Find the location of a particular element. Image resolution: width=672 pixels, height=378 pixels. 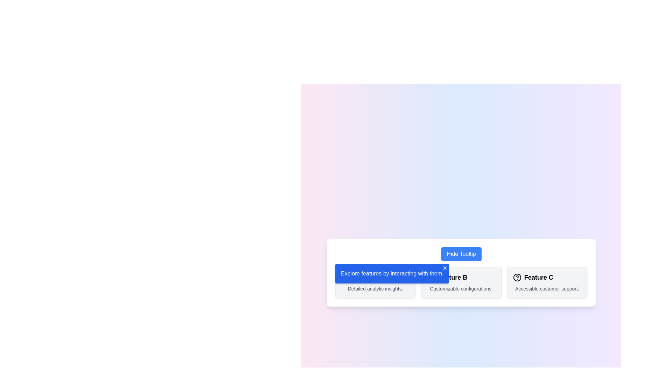

the feature name is located at coordinates (547, 277).